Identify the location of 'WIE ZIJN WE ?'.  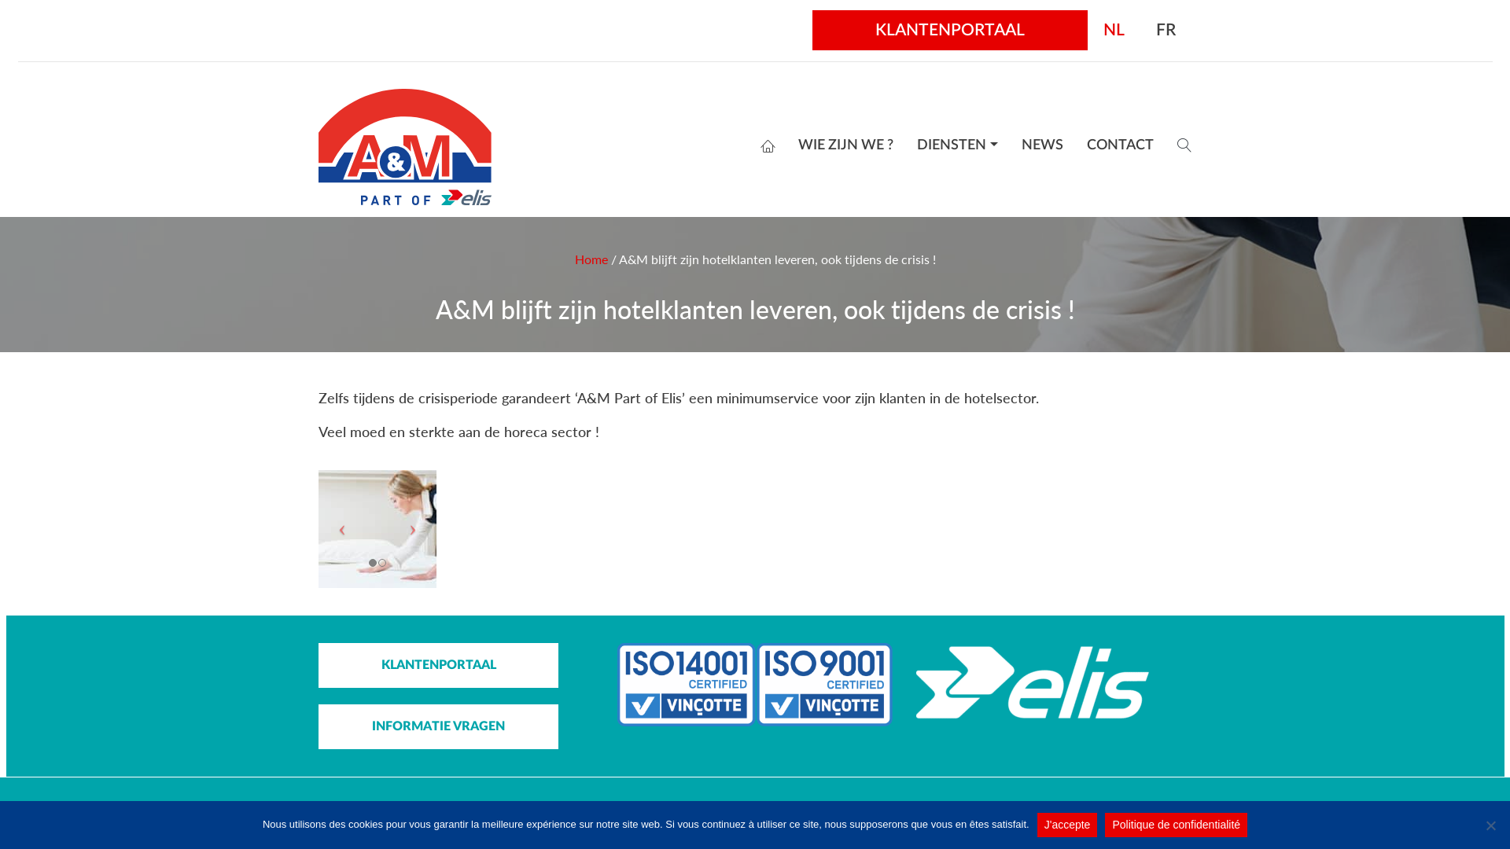
(845, 145).